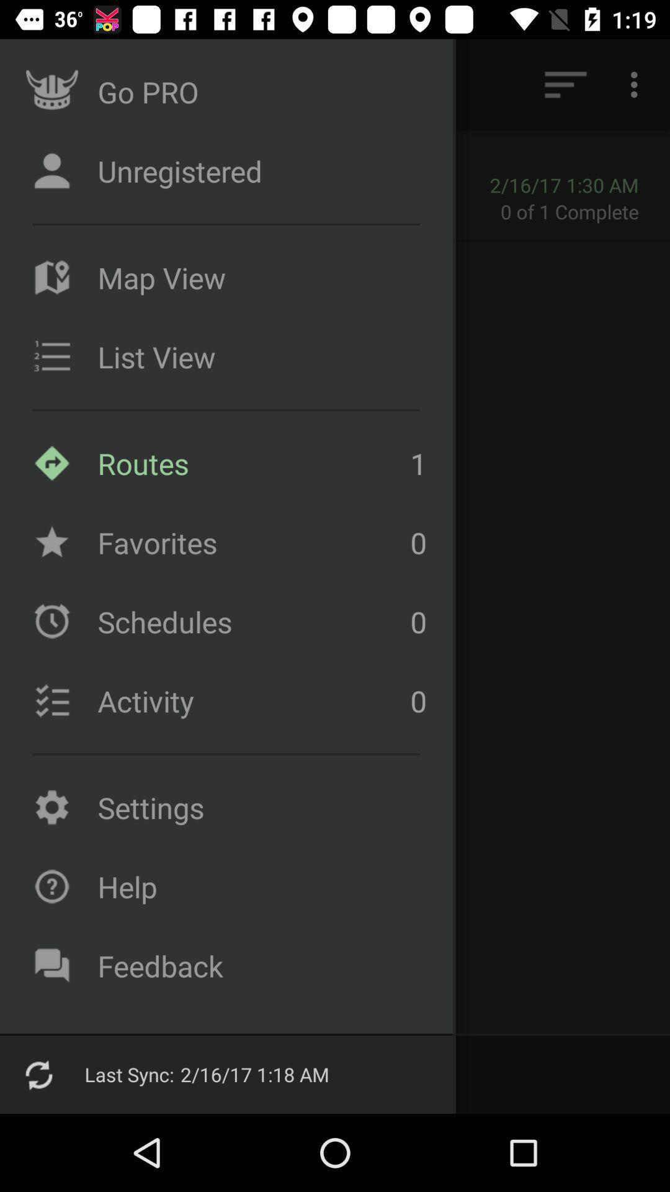 This screenshot has width=670, height=1192. What do you see at coordinates (251, 543) in the screenshot?
I see `the icon next to 1` at bounding box center [251, 543].